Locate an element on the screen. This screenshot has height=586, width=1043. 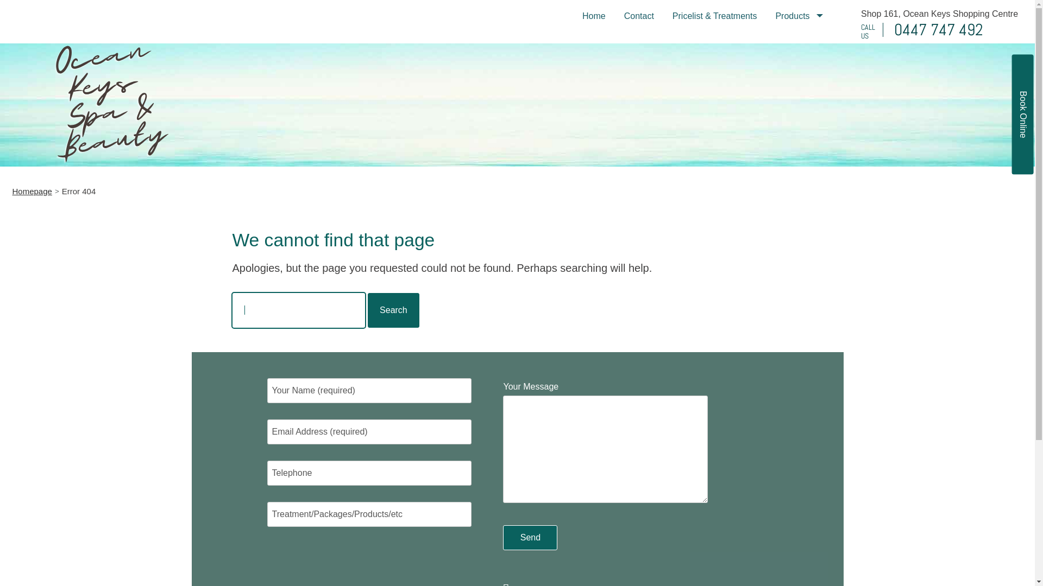
'Products' is located at coordinates (765, 16).